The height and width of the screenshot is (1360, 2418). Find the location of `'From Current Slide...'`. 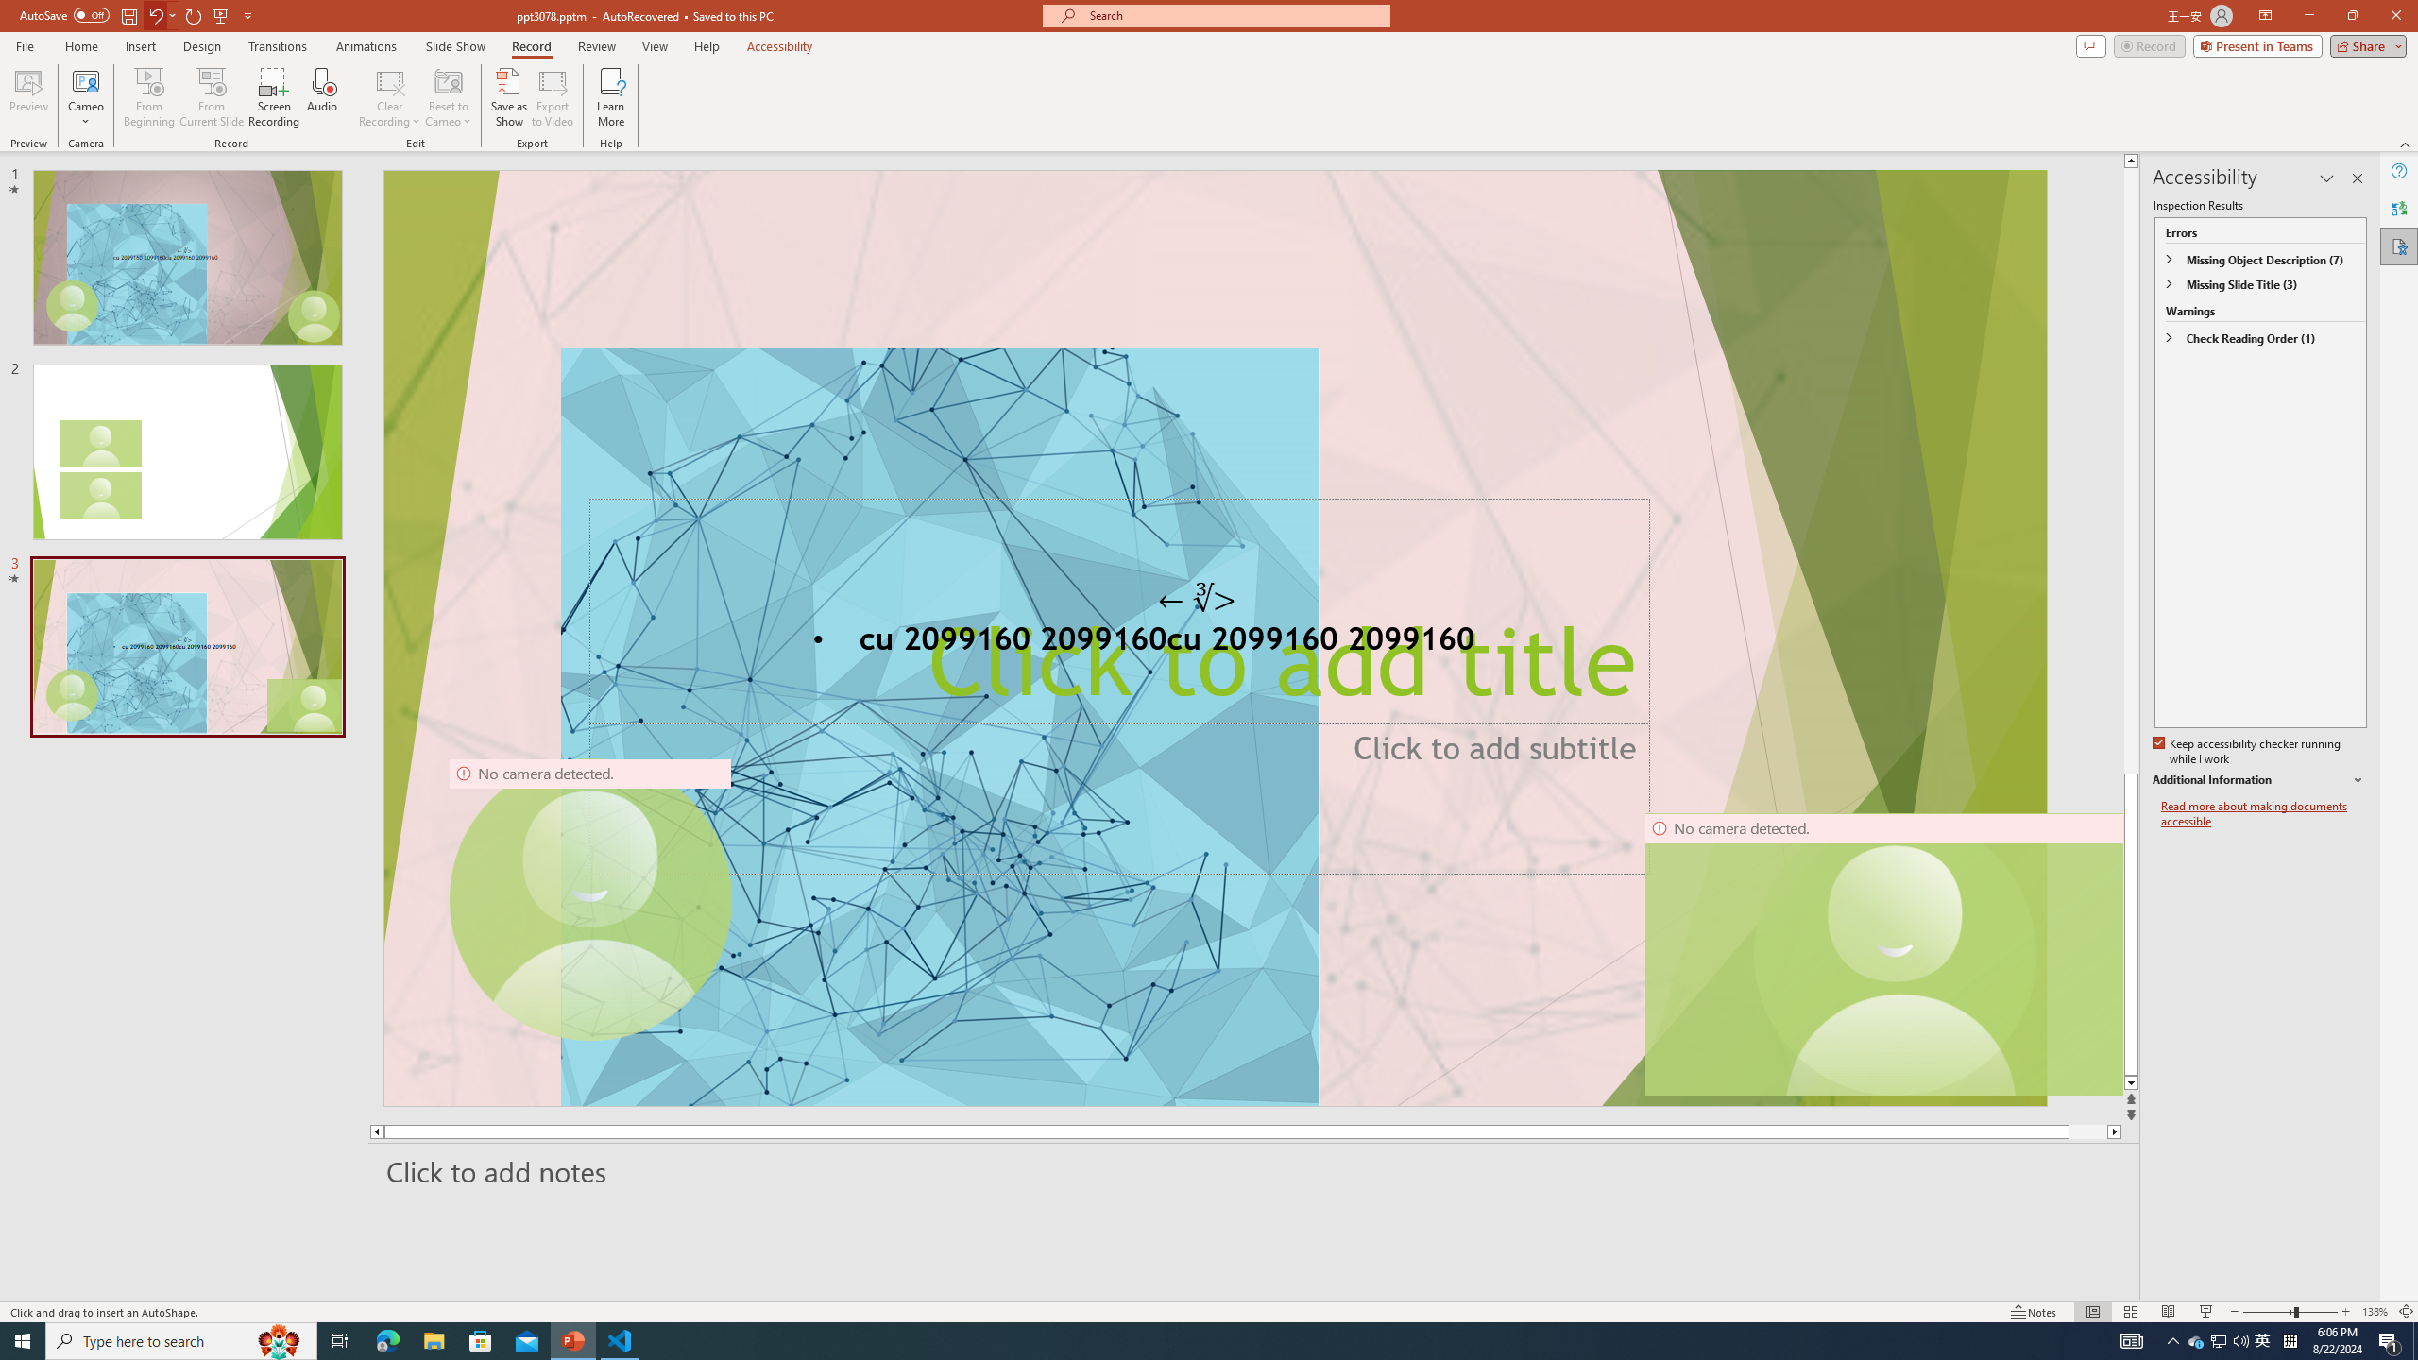

'From Current Slide...' is located at coordinates (212, 97).